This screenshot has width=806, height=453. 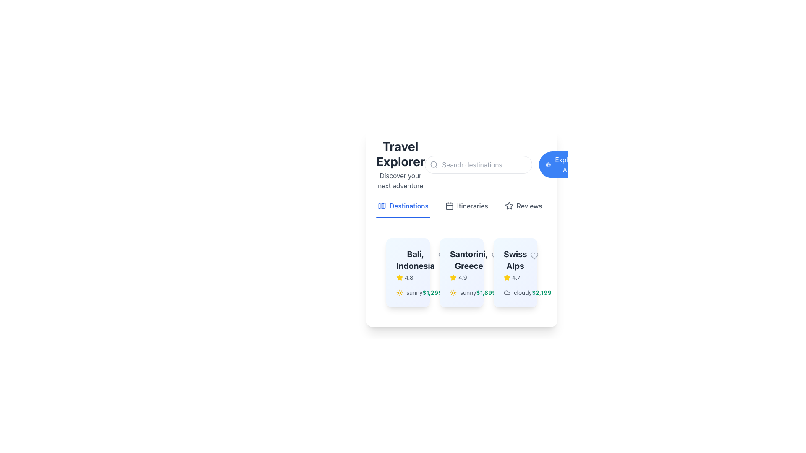 I want to click on the text label that displays 'cloudy' and the price '$2,199', which is located at the bottom of the 'Swiss Alps' card, to the right of the star-rating component, so click(x=515, y=292).